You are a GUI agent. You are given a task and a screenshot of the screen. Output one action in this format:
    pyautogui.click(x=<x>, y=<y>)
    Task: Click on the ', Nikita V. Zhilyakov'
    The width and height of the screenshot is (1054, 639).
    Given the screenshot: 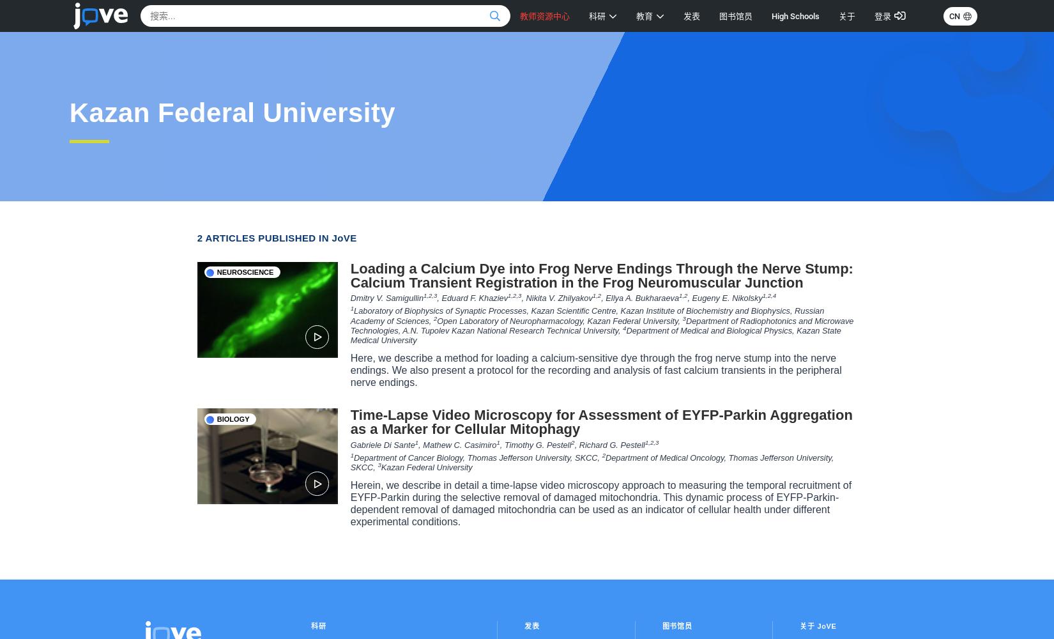 What is the action you would take?
    pyautogui.click(x=556, y=296)
    